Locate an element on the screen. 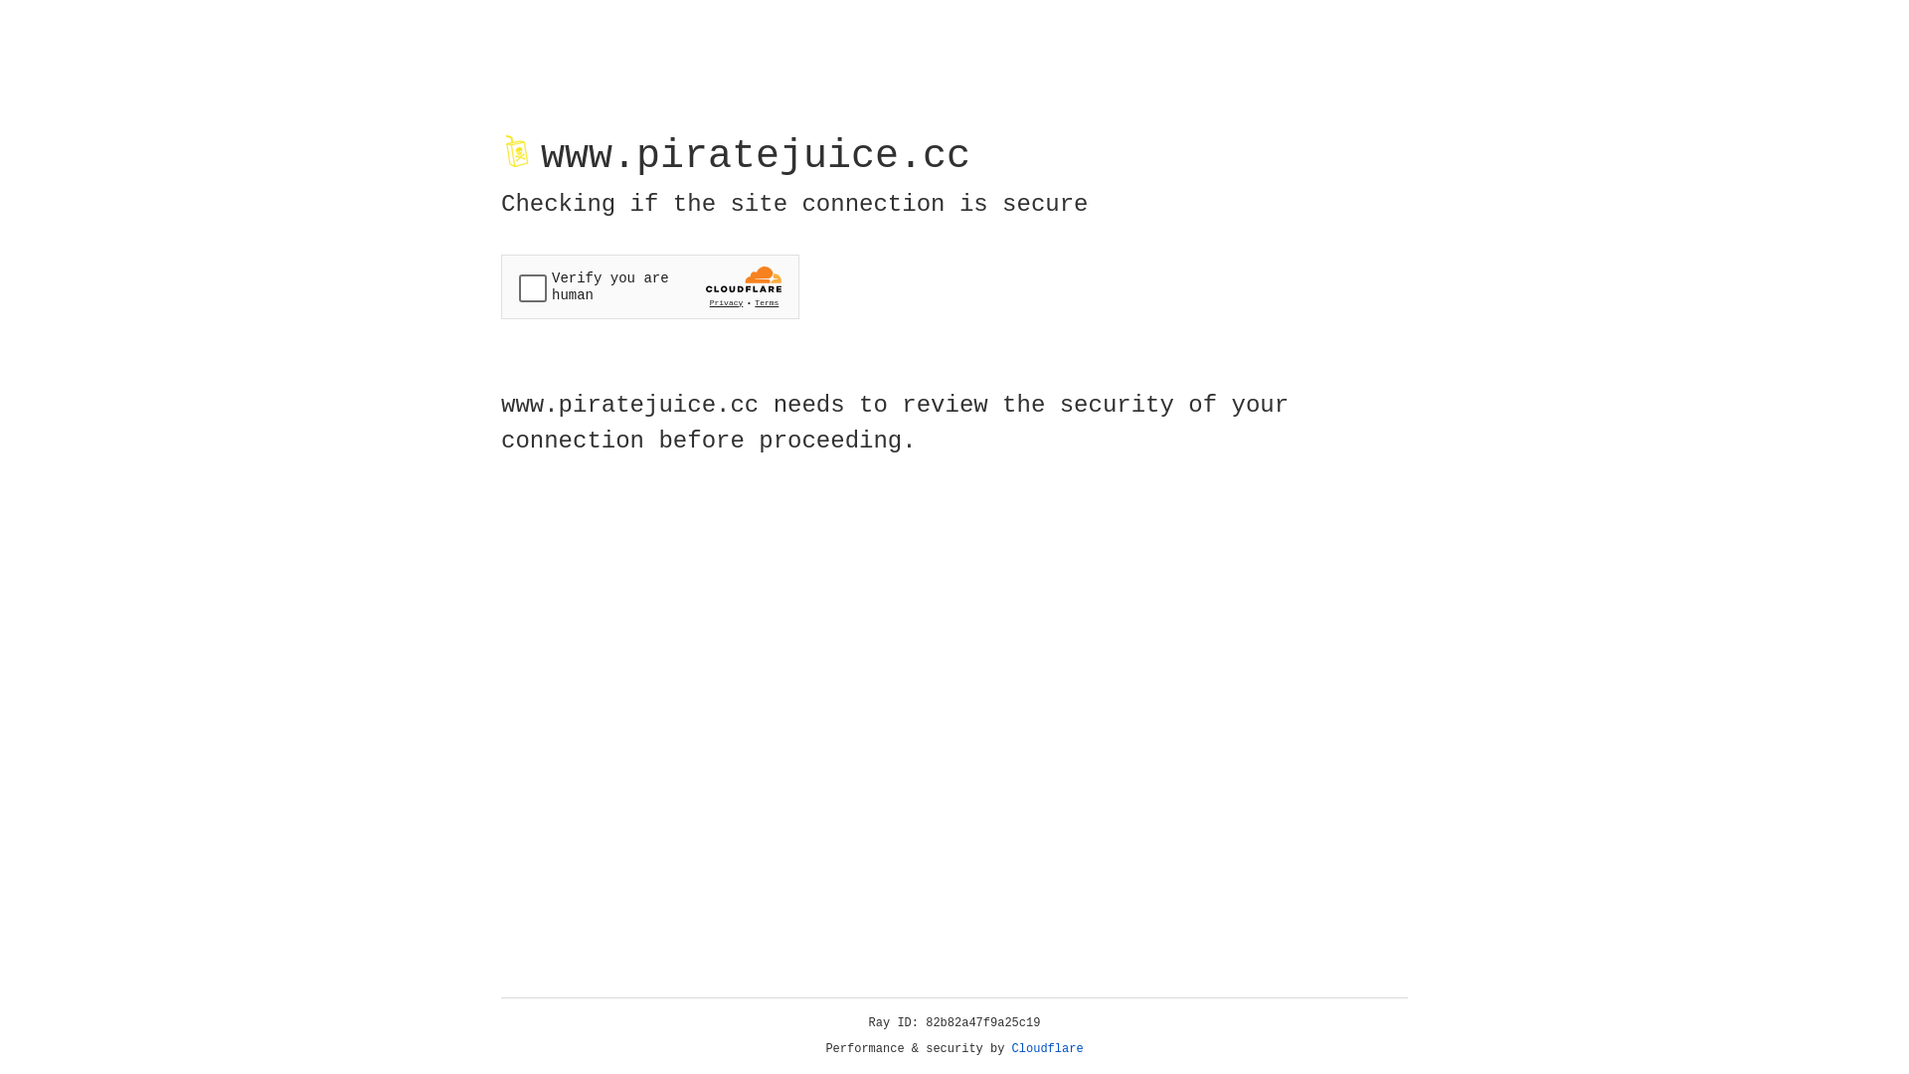 The height and width of the screenshot is (1074, 1909). 'Widget containing a Cloudflare security challenge' is located at coordinates (649, 286).